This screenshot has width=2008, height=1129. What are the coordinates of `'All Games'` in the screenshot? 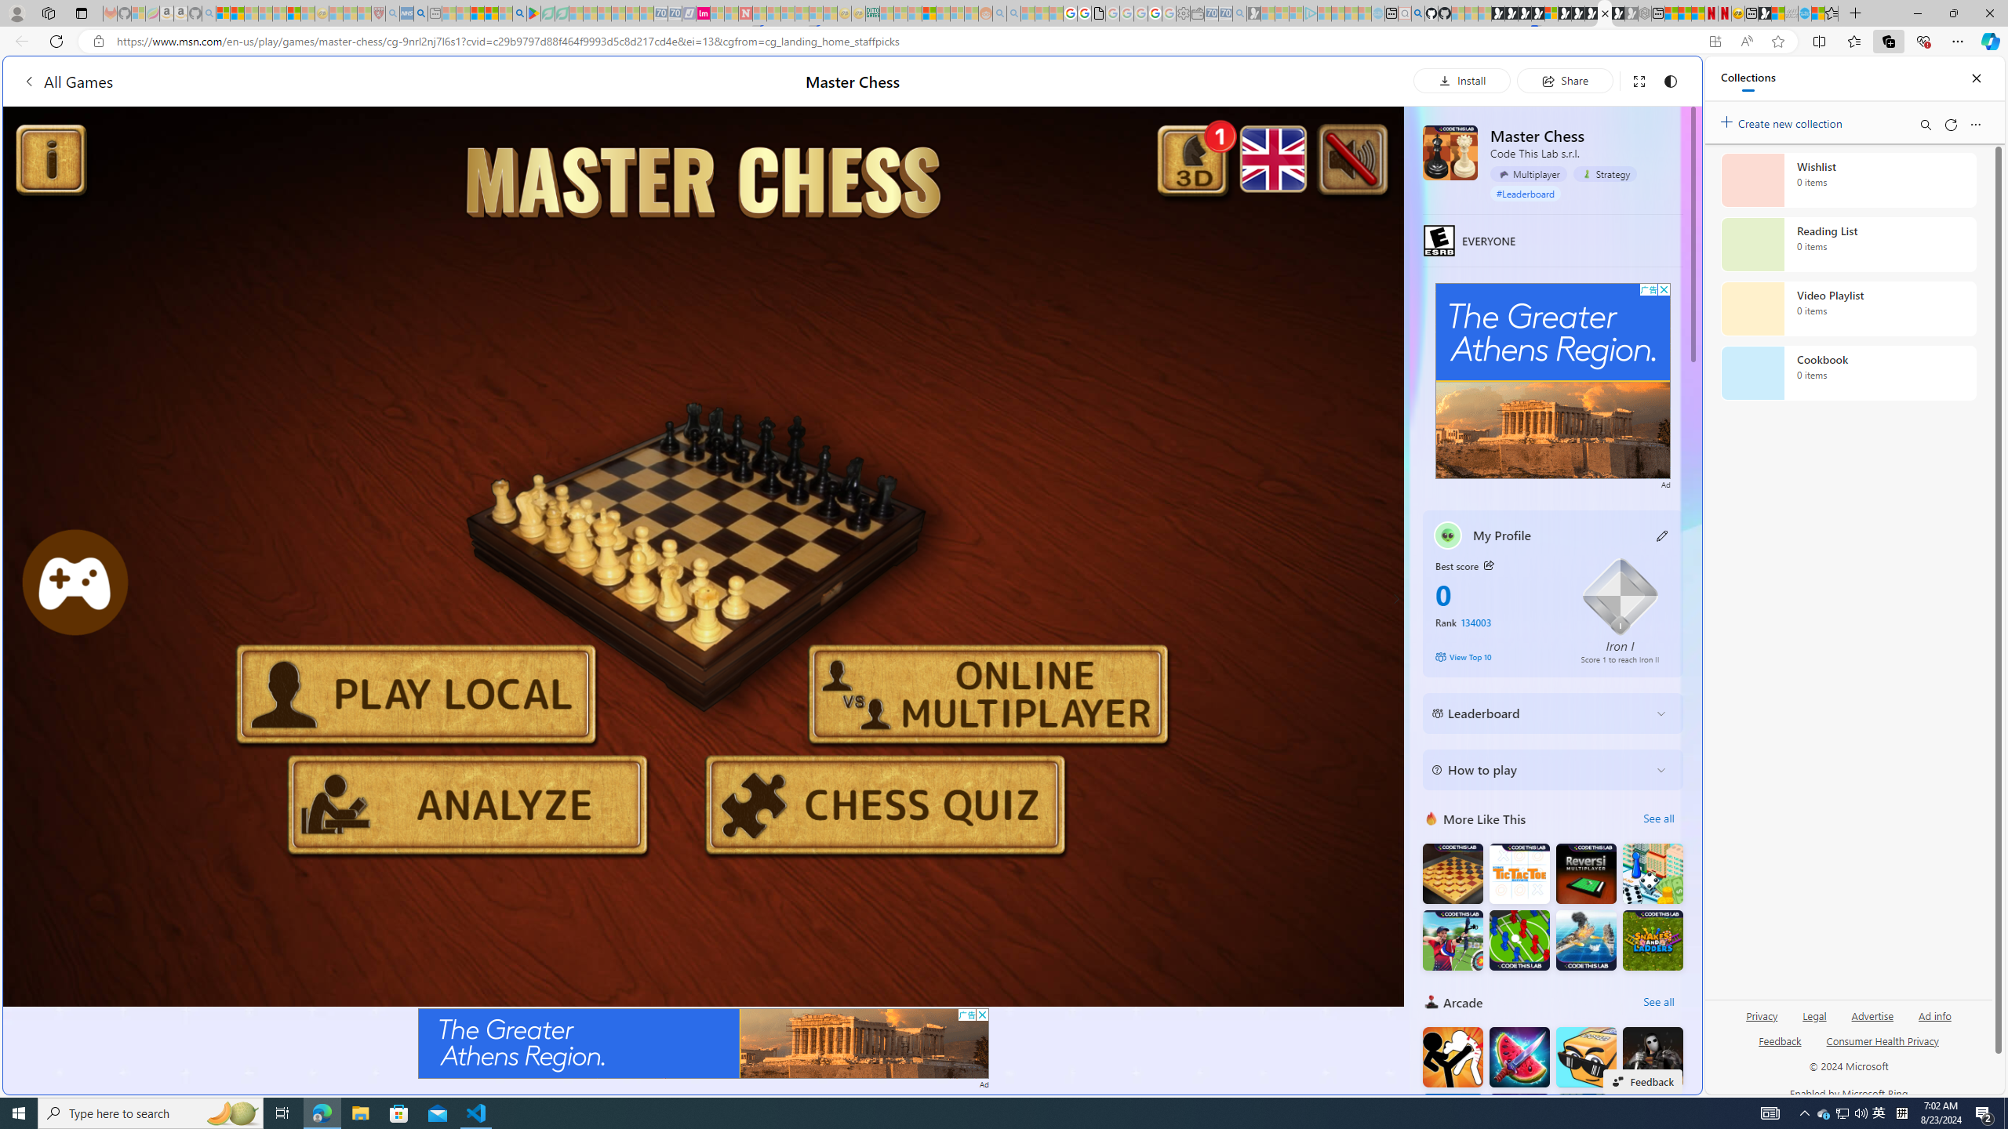 It's located at (67, 81).